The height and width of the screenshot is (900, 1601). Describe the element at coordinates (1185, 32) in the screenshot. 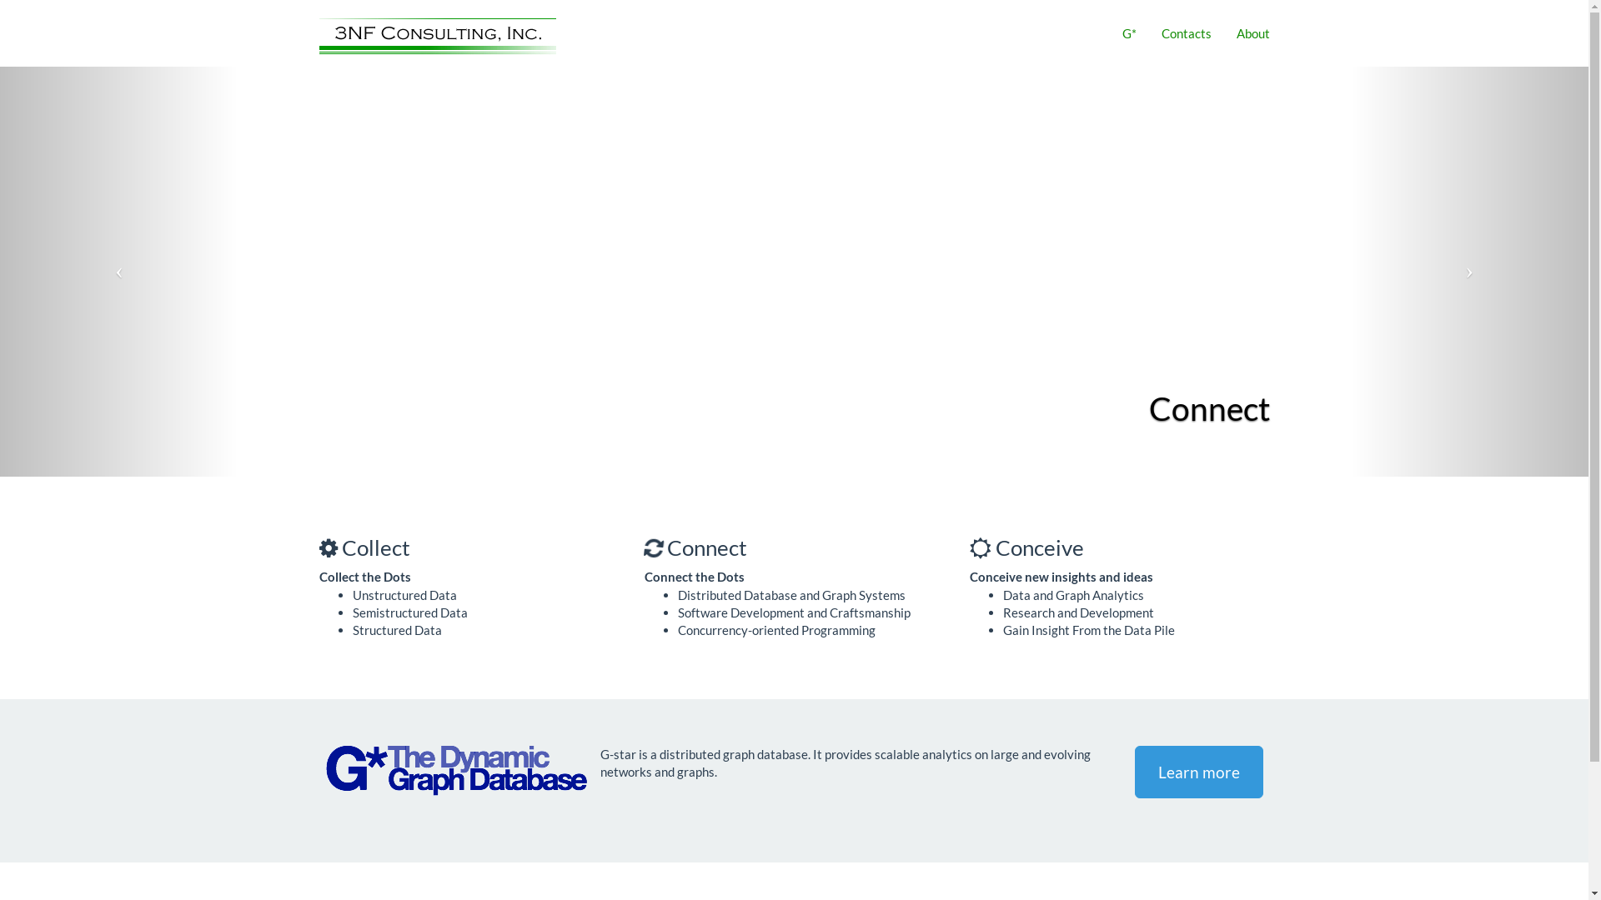

I see `'Contacts'` at that location.